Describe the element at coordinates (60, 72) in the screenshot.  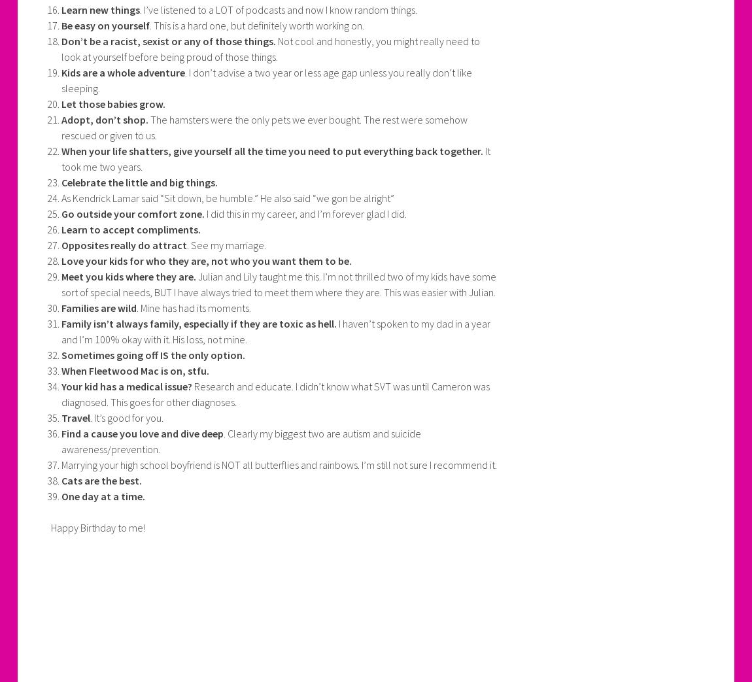
I see `'Kids are a whole adventure'` at that location.